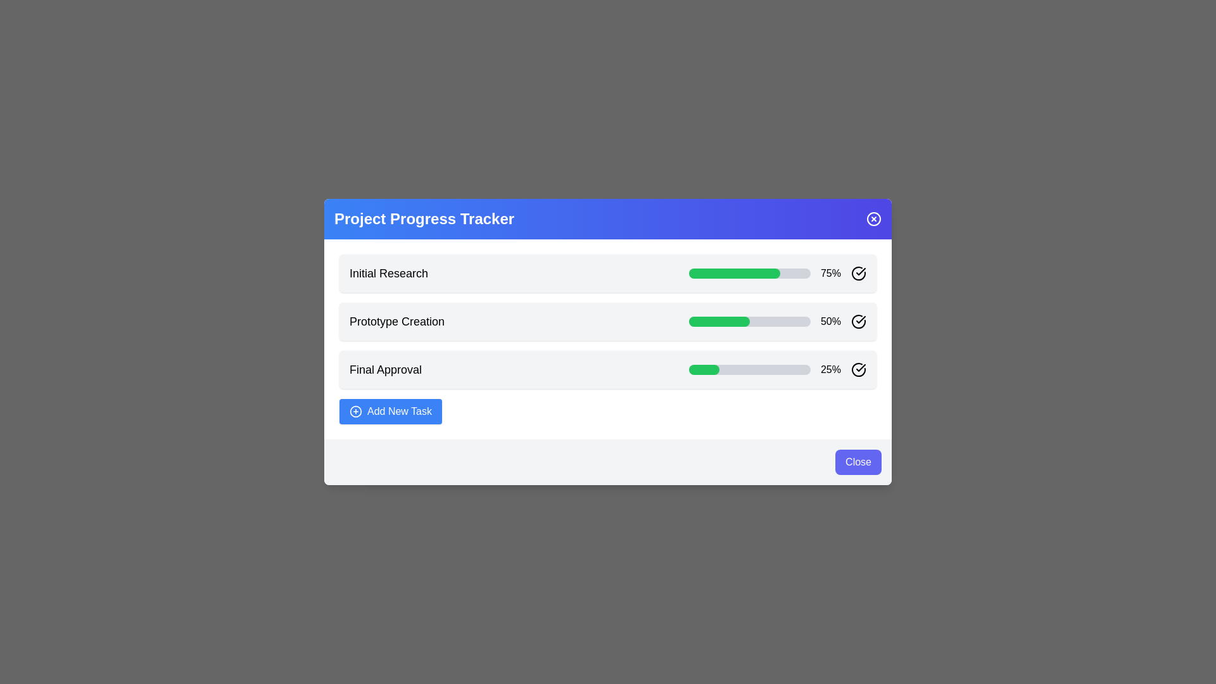  Describe the element at coordinates (861, 319) in the screenshot. I see `the checkmark icon located within a circular graphical element to the right of the 'Final Approval' text and progress bar` at that location.